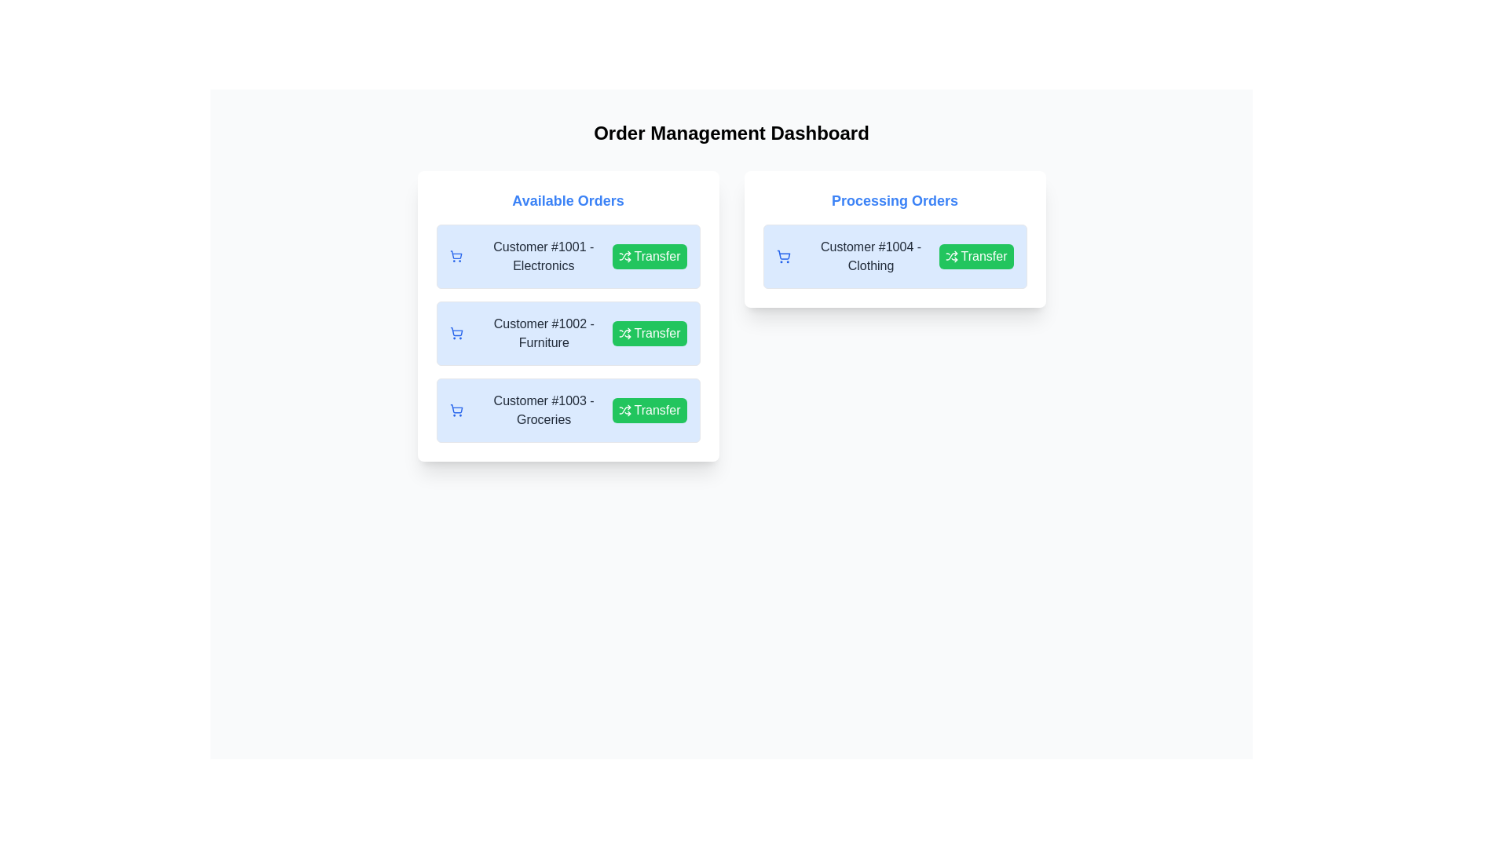 The width and height of the screenshot is (1508, 848). I want to click on the text label 'Available Orders' styled in bold and blue, located at the top of the card component on the left side of the application interface, so click(567, 199).